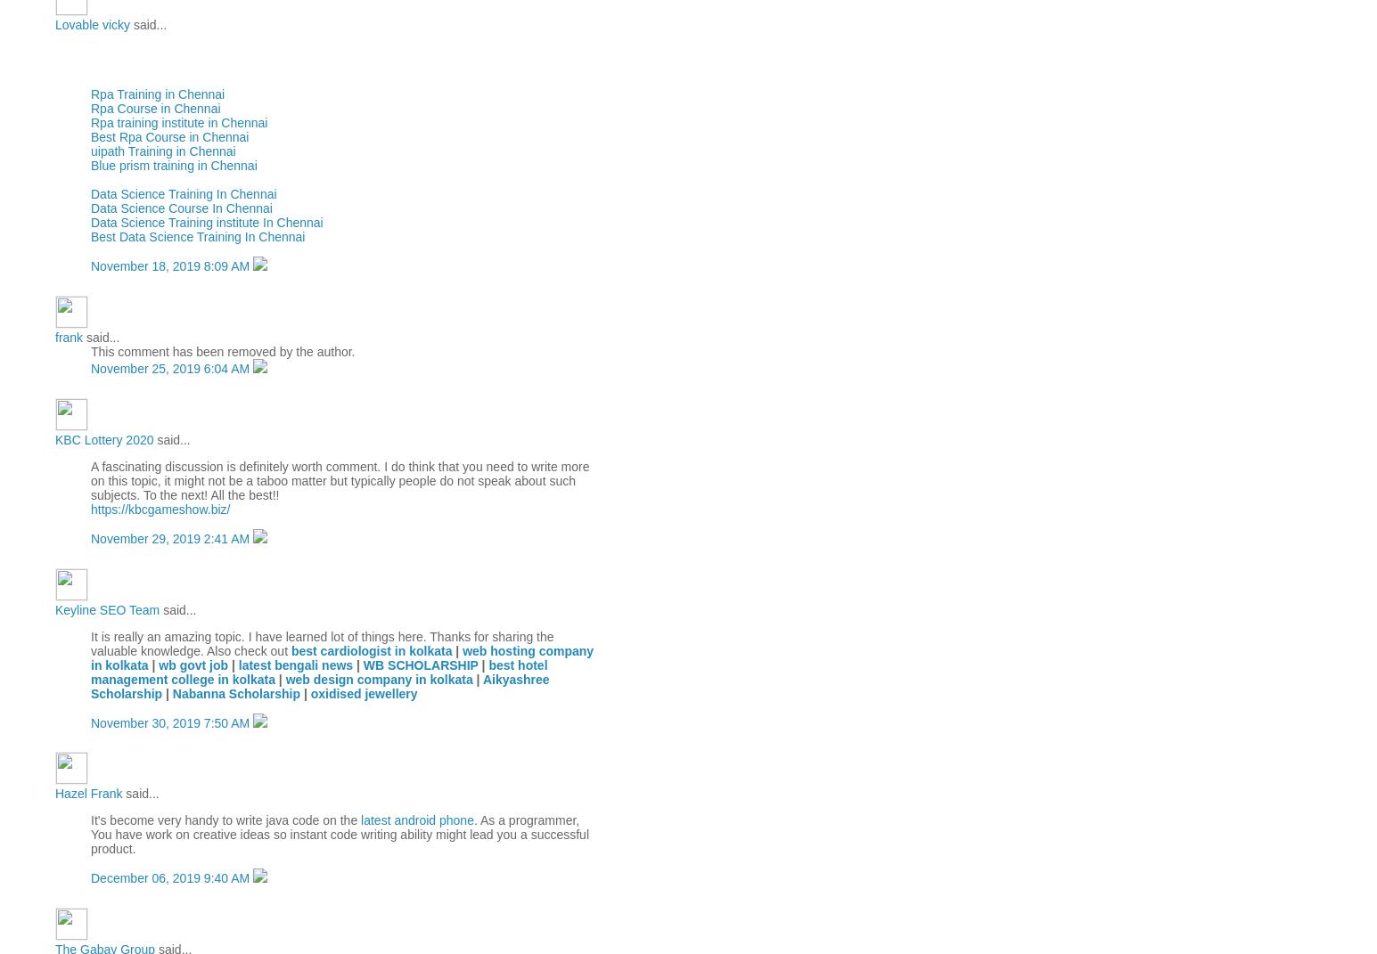 The width and height of the screenshot is (1377, 954). Describe the element at coordinates (171, 721) in the screenshot. I see `'November 30, 2019 7:50 AM'` at that location.